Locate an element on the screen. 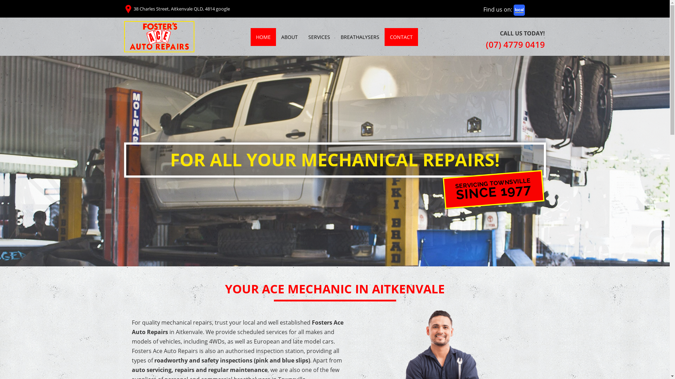 This screenshot has width=675, height=379. 'CONTACT' is located at coordinates (401, 37).